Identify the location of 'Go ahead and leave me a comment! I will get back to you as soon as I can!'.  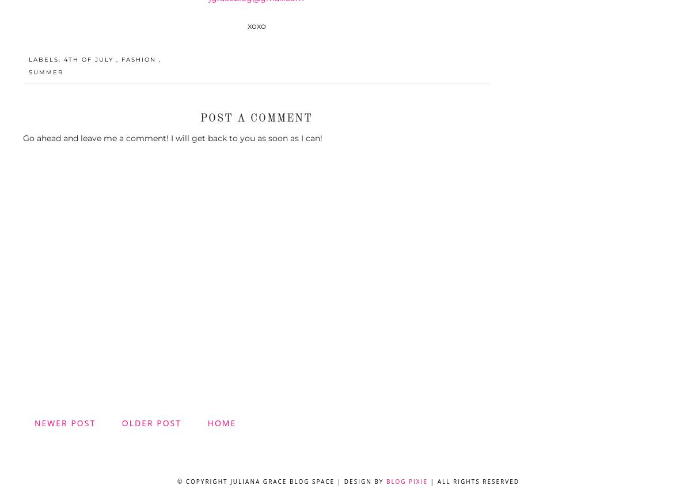
(22, 137).